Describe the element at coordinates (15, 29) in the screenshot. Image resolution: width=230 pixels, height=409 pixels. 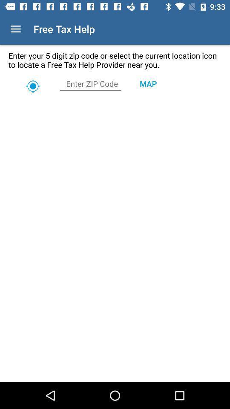
I see `the app next to the free tax help app` at that location.